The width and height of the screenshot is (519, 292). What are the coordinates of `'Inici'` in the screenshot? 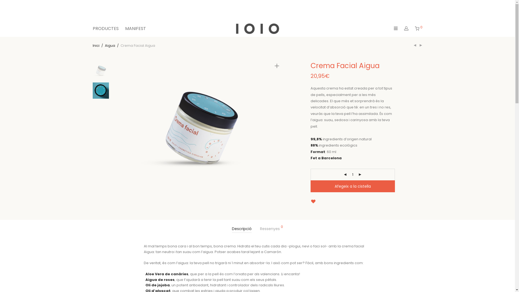 It's located at (96, 45).